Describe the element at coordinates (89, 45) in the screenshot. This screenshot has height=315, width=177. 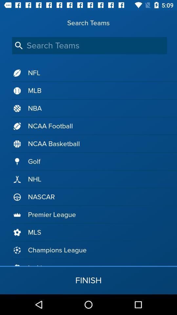
I see `perform a search` at that location.